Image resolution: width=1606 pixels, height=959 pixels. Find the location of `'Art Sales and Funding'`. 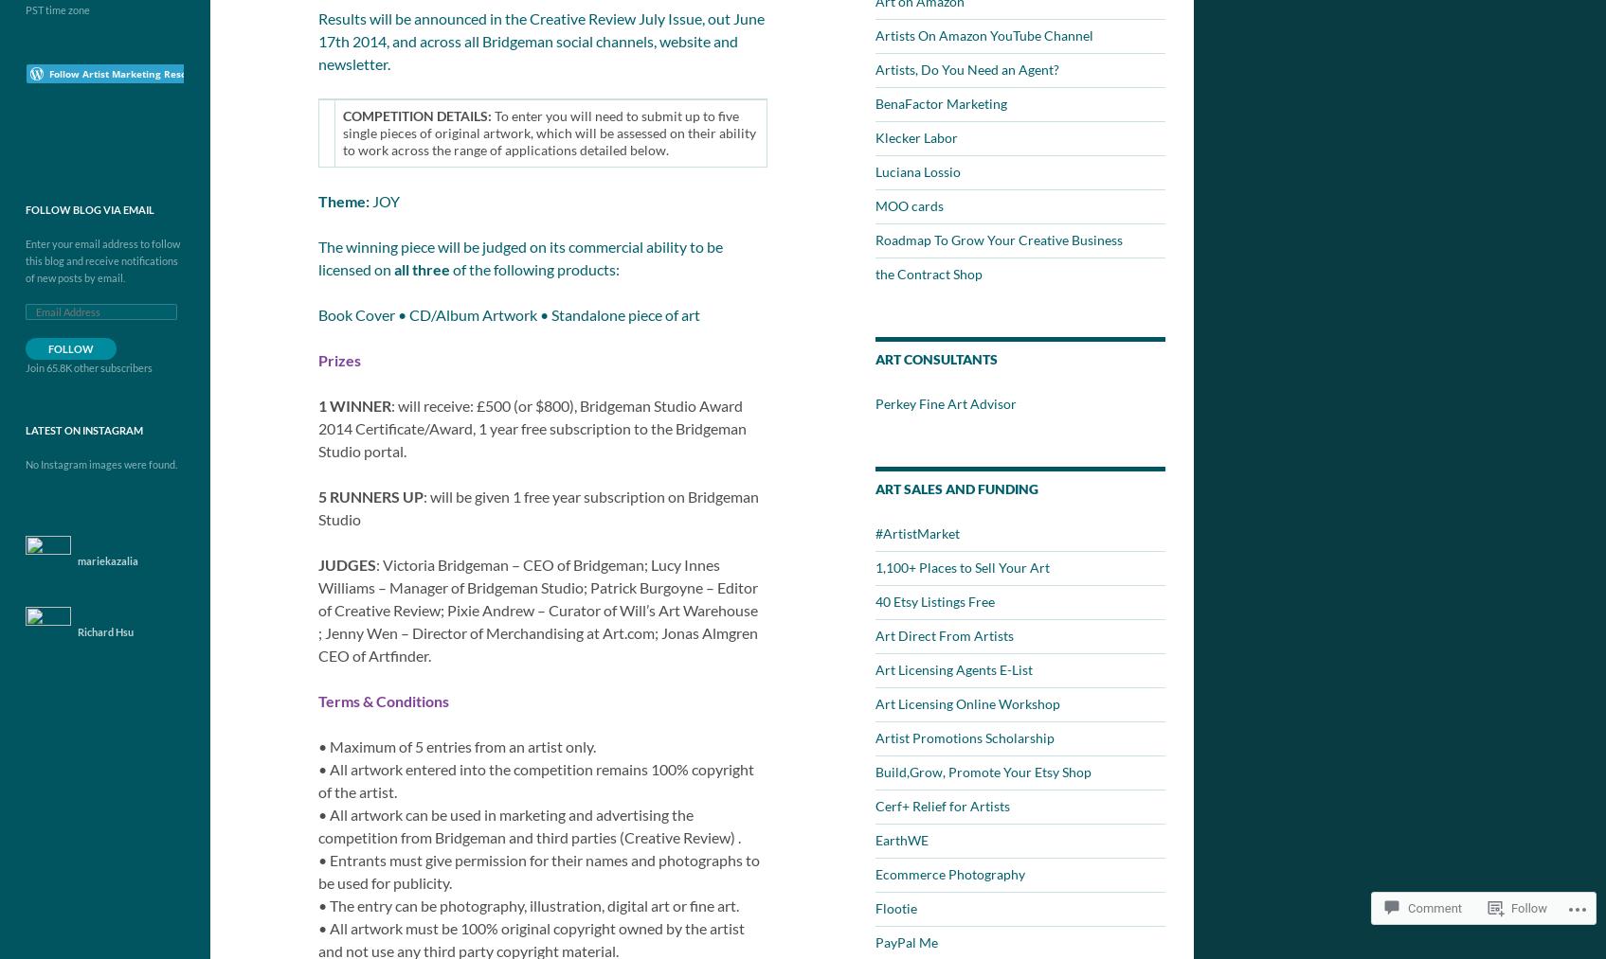

'Art Sales and Funding' is located at coordinates (956, 488).